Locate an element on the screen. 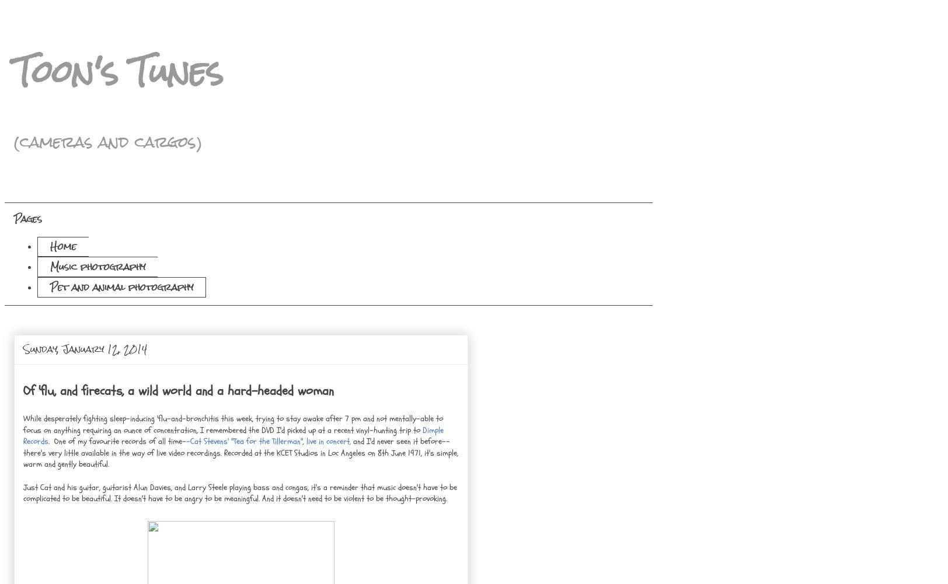  'Pages' is located at coordinates (28, 218).